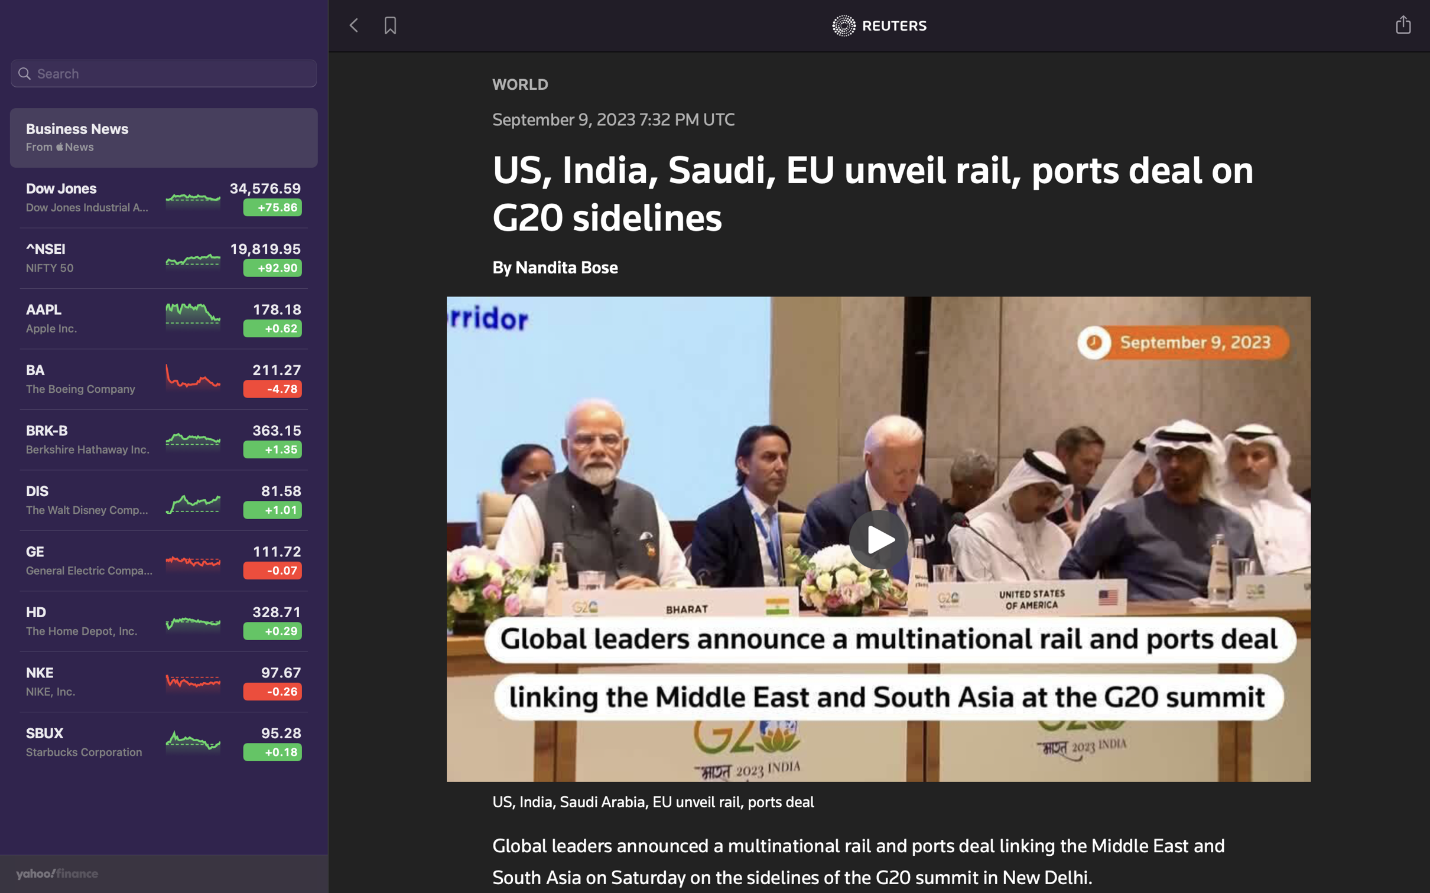 The image size is (1430, 893). I want to click on Share the latest news report on your Twitter feed, so click(1404, 23).